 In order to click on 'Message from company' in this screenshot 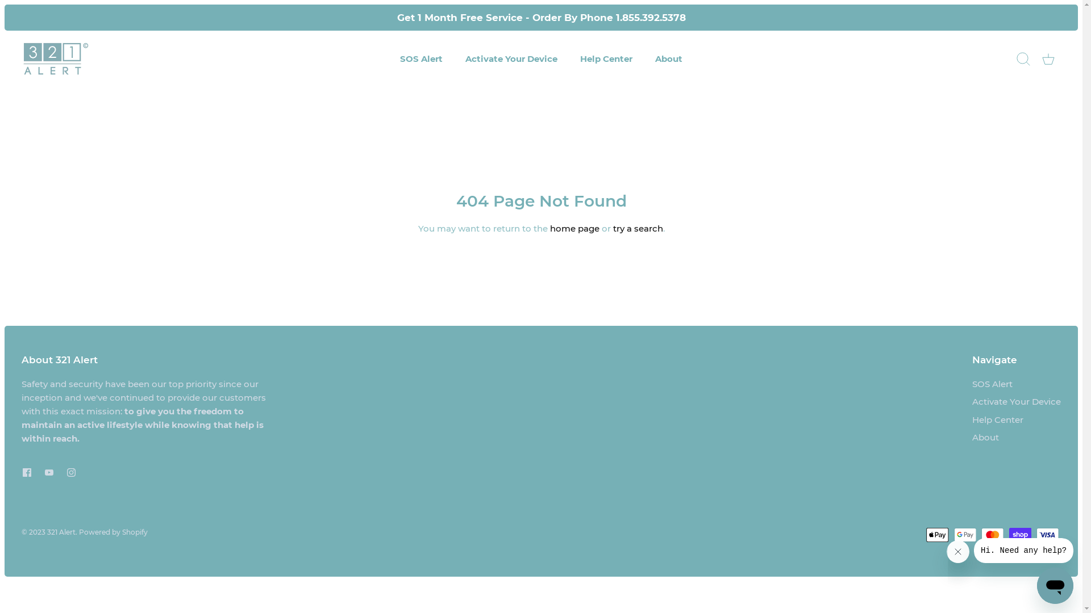, I will do `click(1023, 549)`.